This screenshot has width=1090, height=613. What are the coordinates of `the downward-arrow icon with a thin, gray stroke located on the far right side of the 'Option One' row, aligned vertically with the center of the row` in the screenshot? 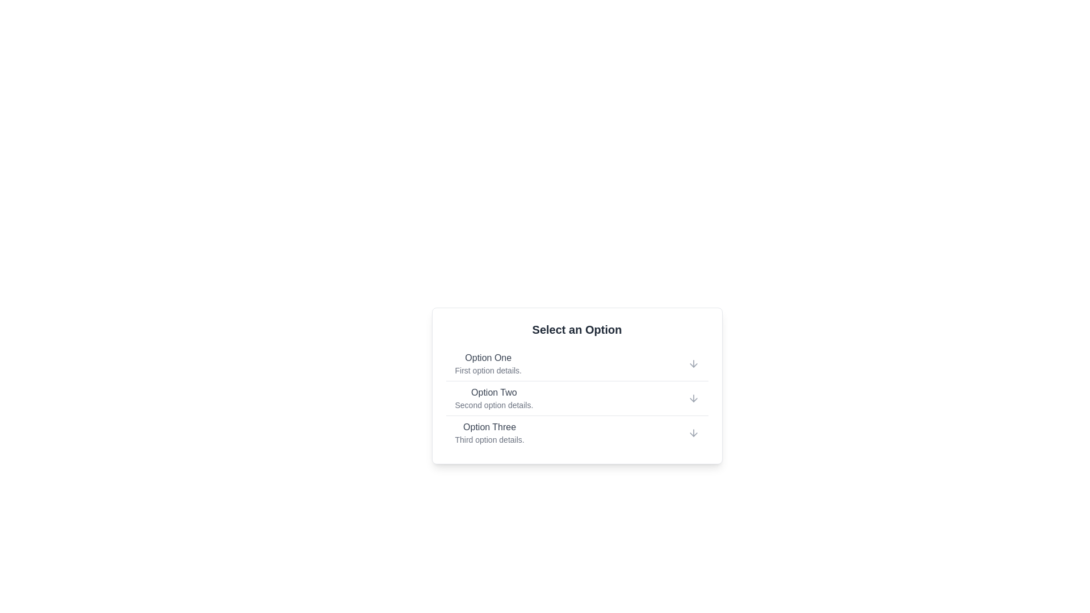 It's located at (693, 363).